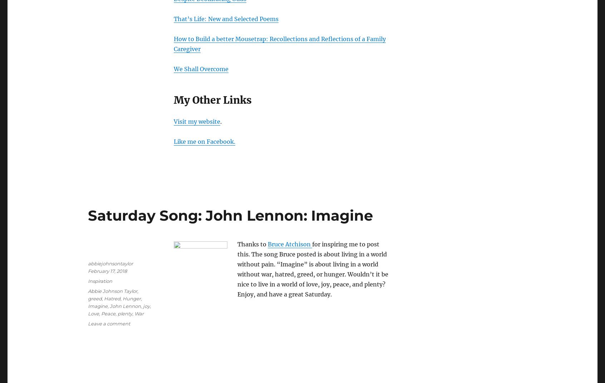 The image size is (605, 383). I want to click on 'We Shall Overcome', so click(201, 68).